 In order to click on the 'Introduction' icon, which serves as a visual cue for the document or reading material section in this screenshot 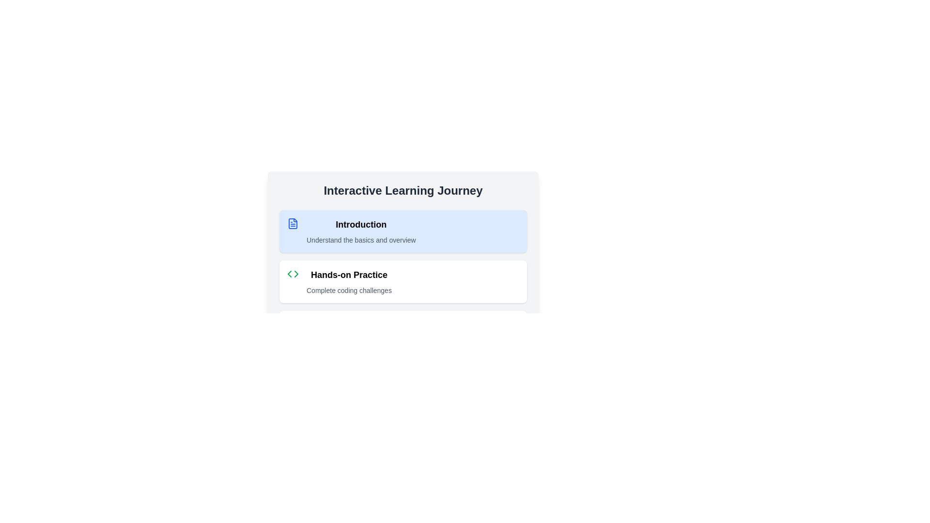, I will do `click(292, 224)`.